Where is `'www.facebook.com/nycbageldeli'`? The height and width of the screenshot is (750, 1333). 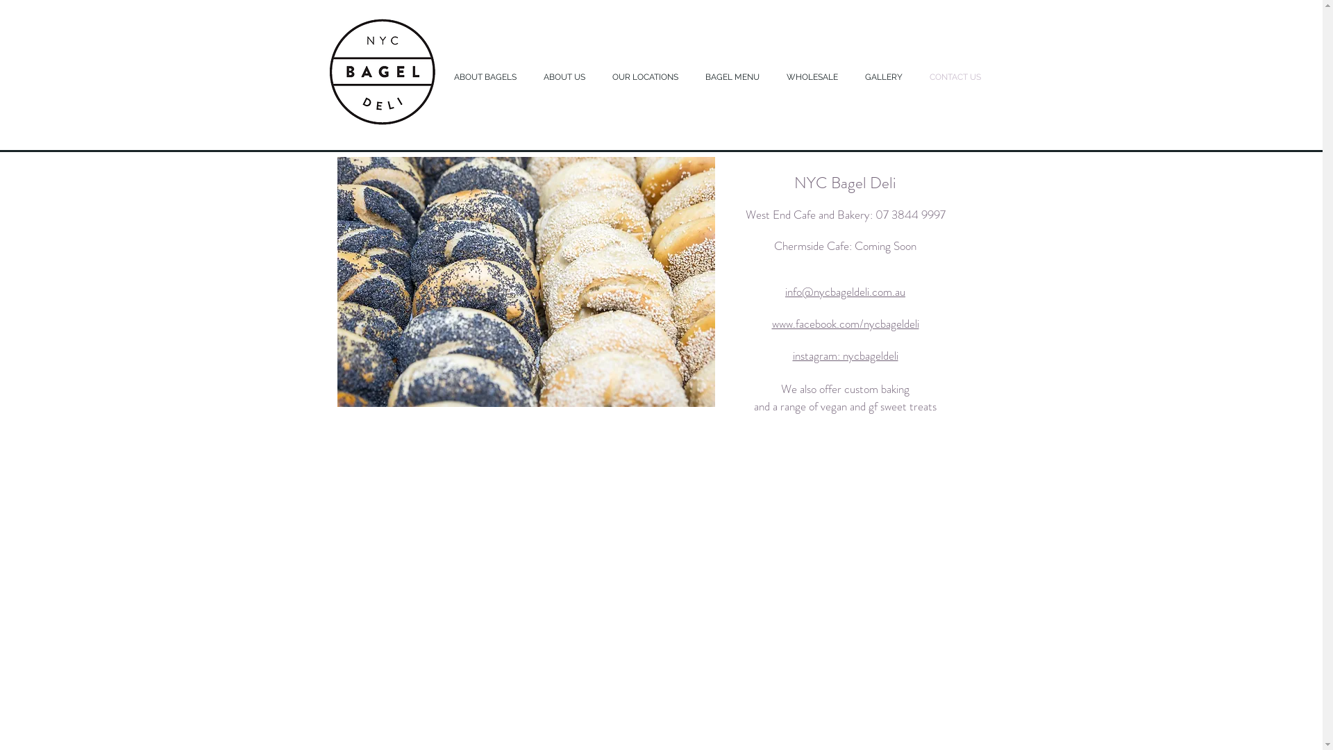 'www.facebook.com/nycbageldeli' is located at coordinates (845, 324).